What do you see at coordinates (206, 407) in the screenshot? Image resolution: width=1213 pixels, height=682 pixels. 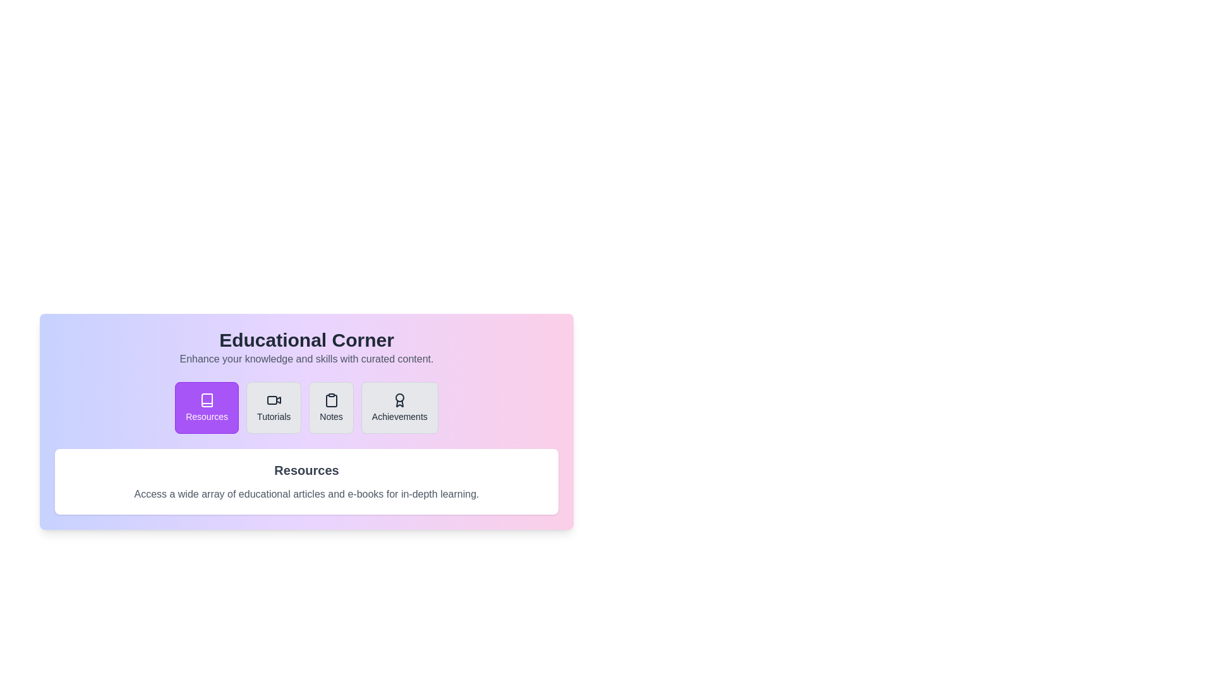 I see `the tab labeled Resources` at bounding box center [206, 407].